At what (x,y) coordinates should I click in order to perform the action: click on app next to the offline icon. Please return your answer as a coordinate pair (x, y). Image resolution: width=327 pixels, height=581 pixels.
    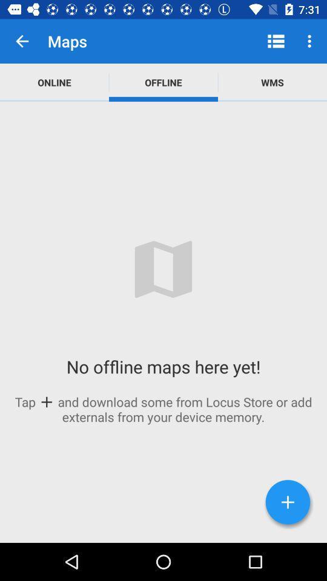
    Looking at the image, I should click on (276, 41).